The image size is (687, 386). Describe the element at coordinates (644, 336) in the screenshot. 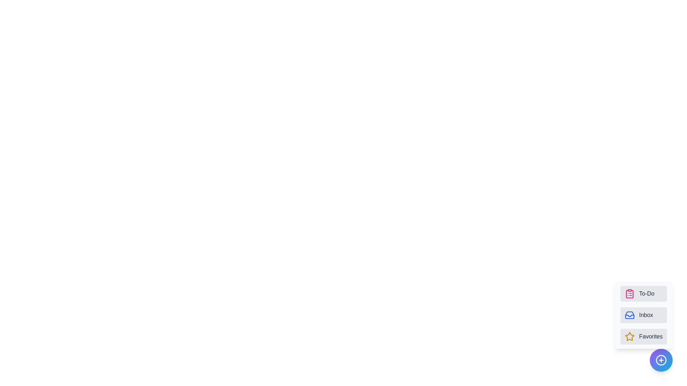

I see `the 'Favorites' button to select it` at that location.